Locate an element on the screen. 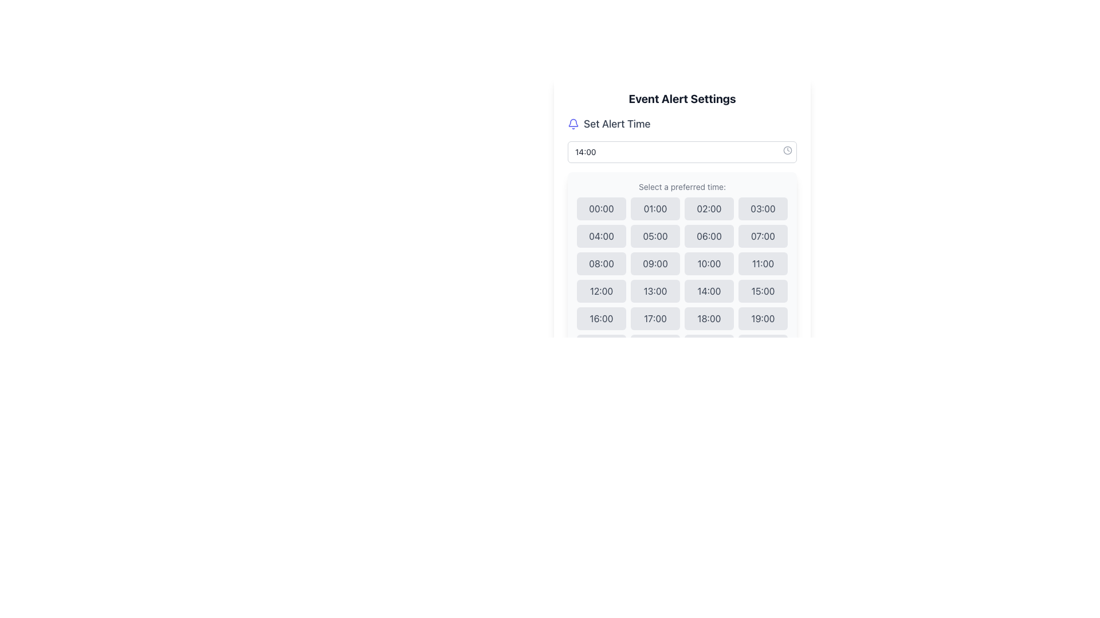  the button displaying '00:00' in dark gray, located in the top-left position of a time-selection grid is located at coordinates (601, 209).